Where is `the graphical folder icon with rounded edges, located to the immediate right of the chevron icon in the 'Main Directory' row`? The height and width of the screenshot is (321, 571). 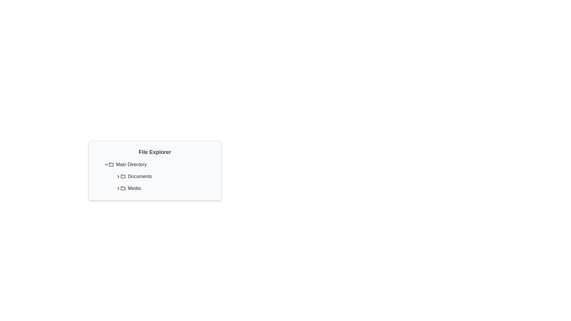 the graphical folder icon with rounded edges, located to the immediate right of the chevron icon in the 'Main Directory' row is located at coordinates (111, 165).